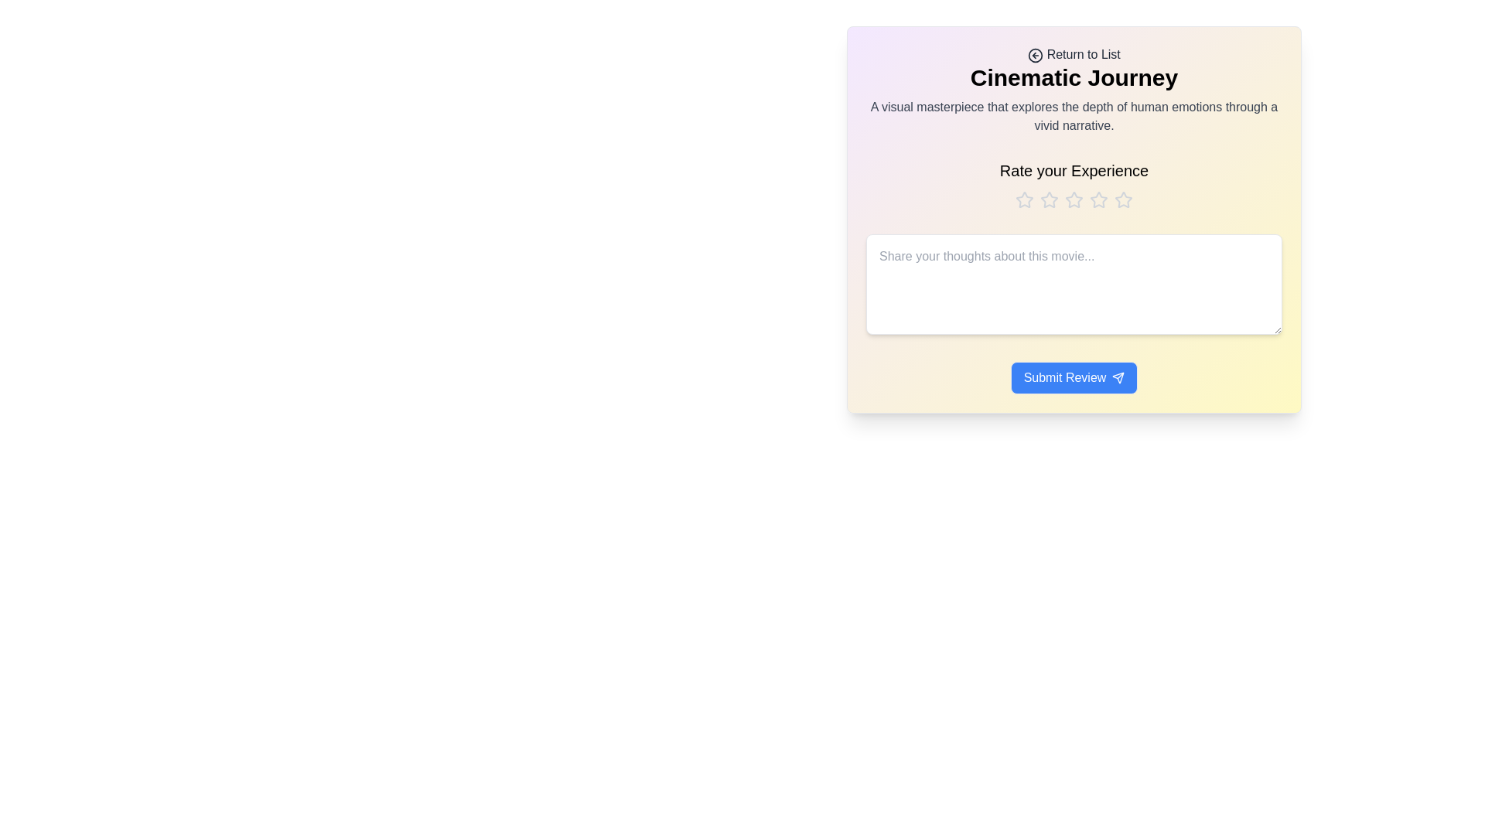 The height and width of the screenshot is (835, 1485). What do you see at coordinates (1073, 184) in the screenshot?
I see `the stars in the 'Rate your Experience' section` at bounding box center [1073, 184].